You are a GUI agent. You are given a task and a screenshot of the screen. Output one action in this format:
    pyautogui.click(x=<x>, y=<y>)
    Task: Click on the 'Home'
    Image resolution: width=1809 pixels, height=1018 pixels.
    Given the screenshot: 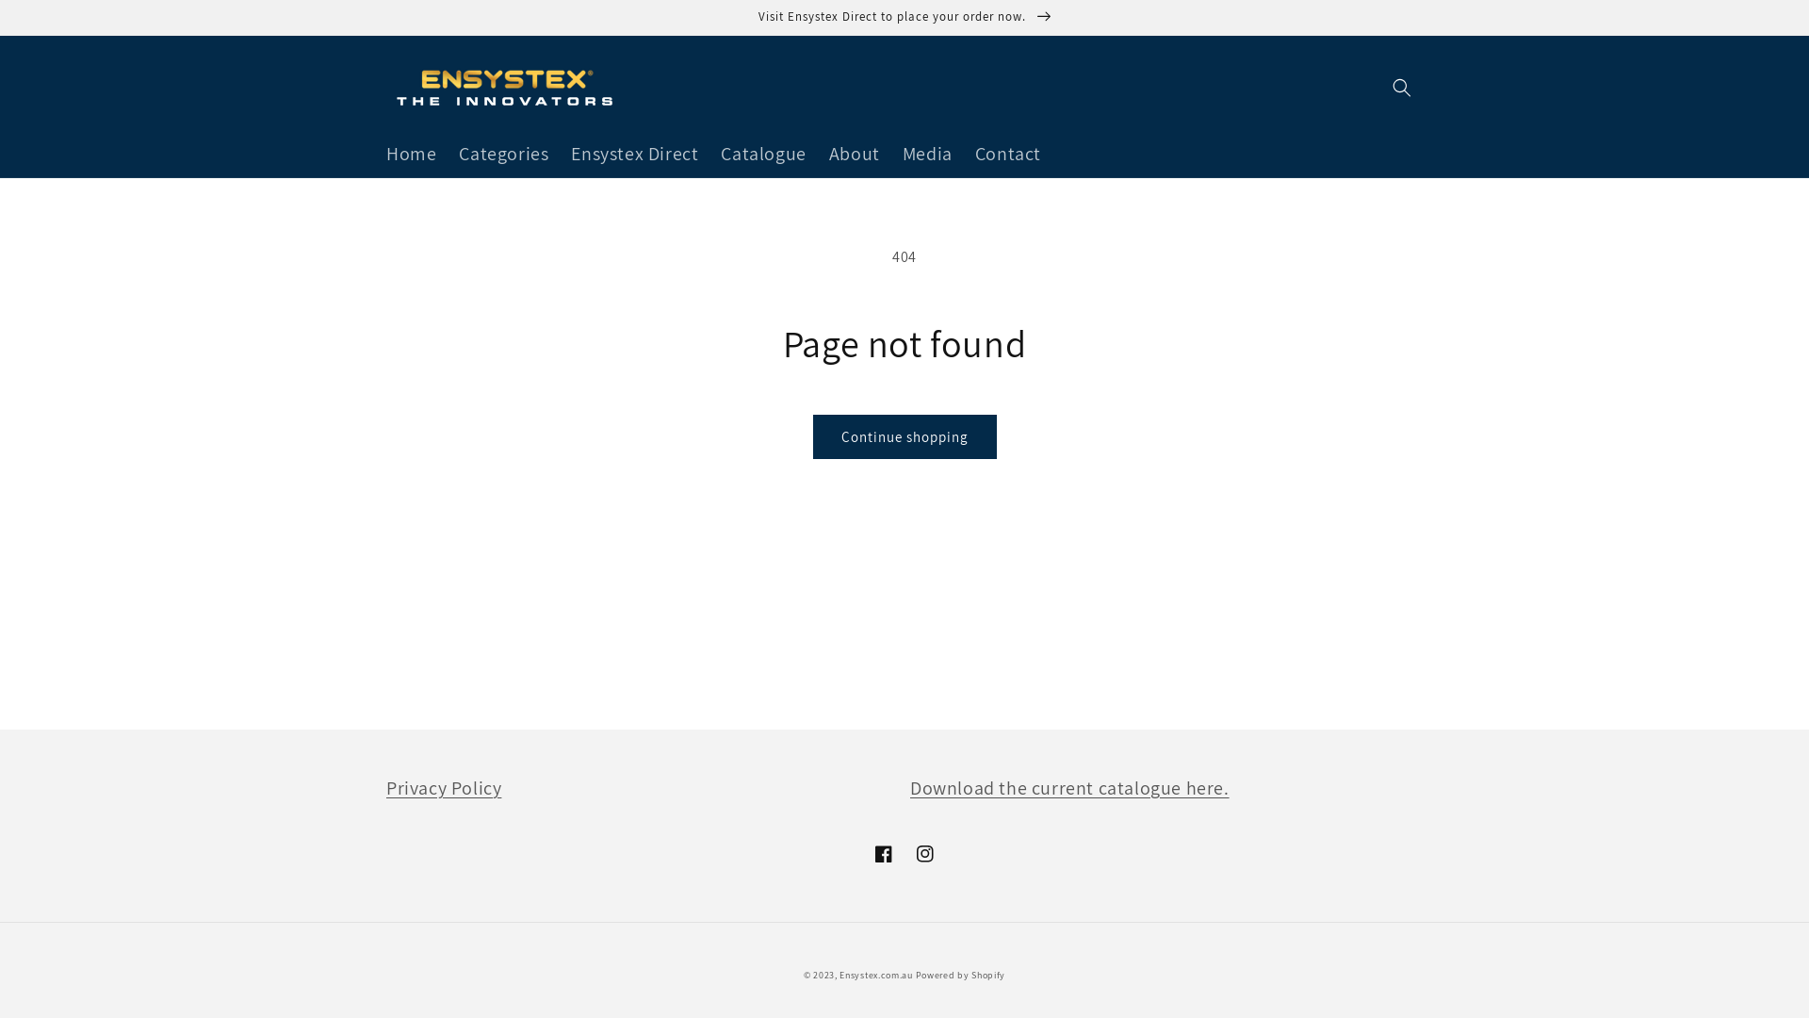 What is the action you would take?
    pyautogui.click(x=375, y=152)
    